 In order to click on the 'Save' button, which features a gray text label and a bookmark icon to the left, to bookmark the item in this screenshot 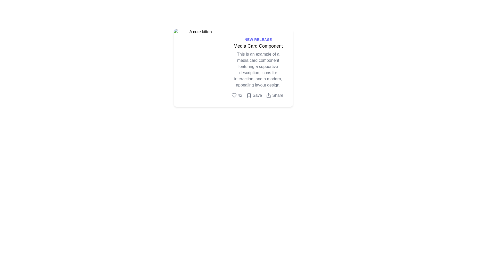, I will do `click(258, 95)`.